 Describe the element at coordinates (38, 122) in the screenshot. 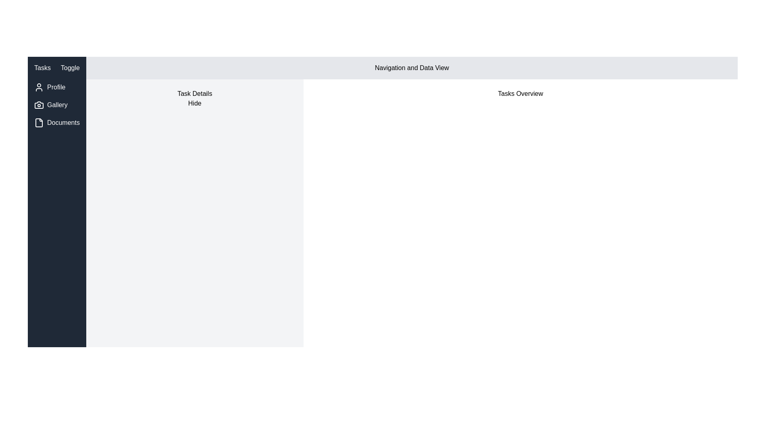

I see `the small document file icon located in the left navigation sidebar, to the left of the 'Documents' label` at that location.